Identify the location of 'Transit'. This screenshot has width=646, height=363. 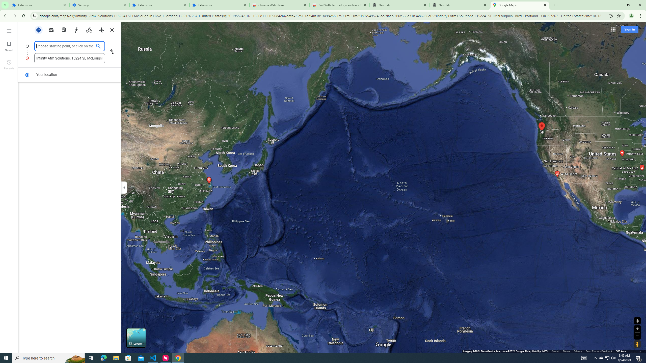
(64, 29).